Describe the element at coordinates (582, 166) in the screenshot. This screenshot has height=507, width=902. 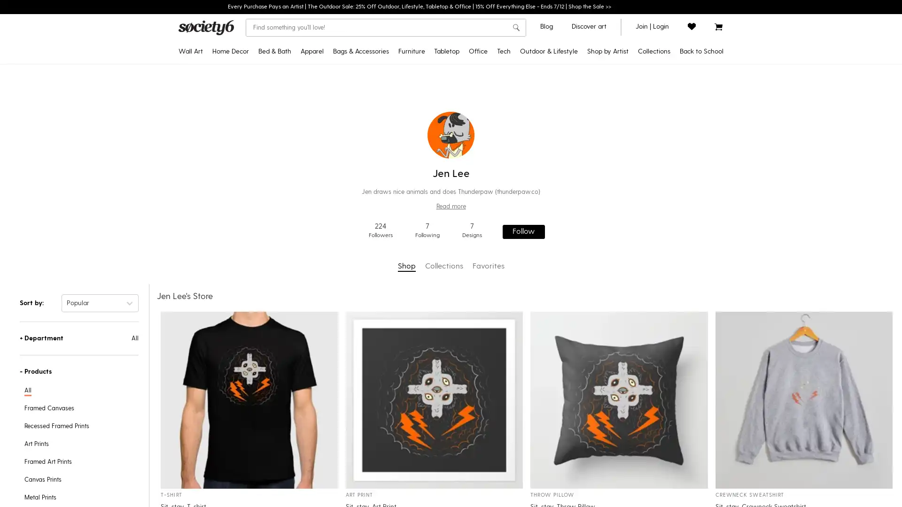
I see `Support Ukrainian Artists` at that location.